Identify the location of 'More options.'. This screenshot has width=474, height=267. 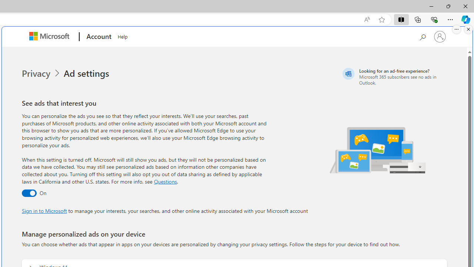
(456, 29).